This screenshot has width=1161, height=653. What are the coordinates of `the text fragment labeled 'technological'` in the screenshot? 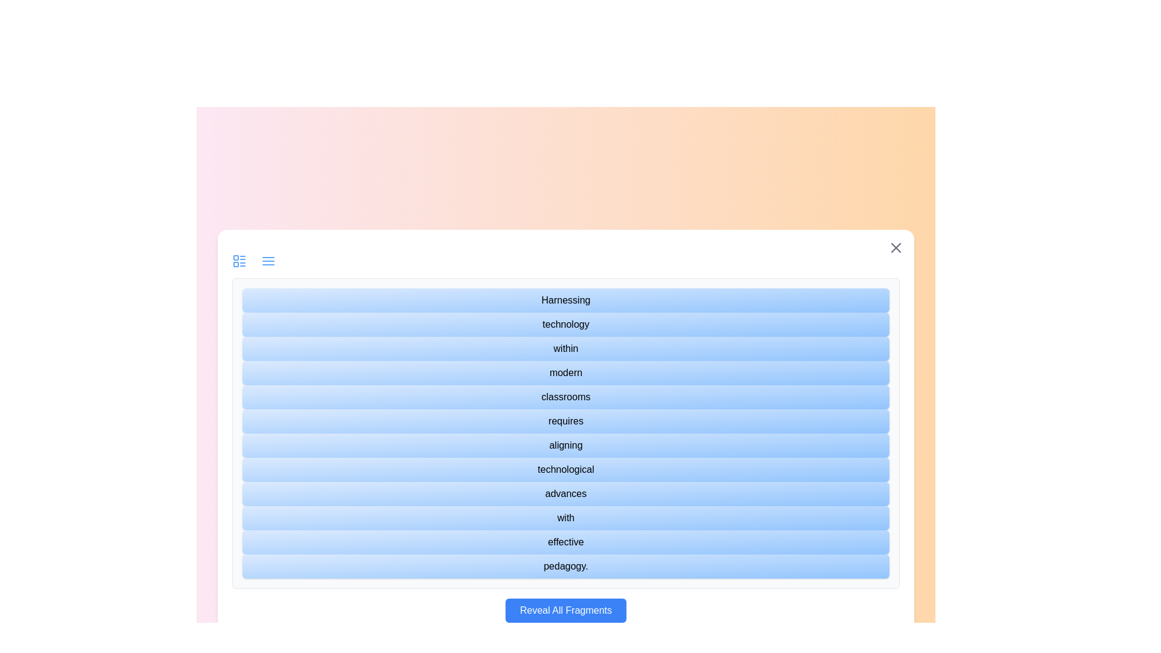 It's located at (565, 469).